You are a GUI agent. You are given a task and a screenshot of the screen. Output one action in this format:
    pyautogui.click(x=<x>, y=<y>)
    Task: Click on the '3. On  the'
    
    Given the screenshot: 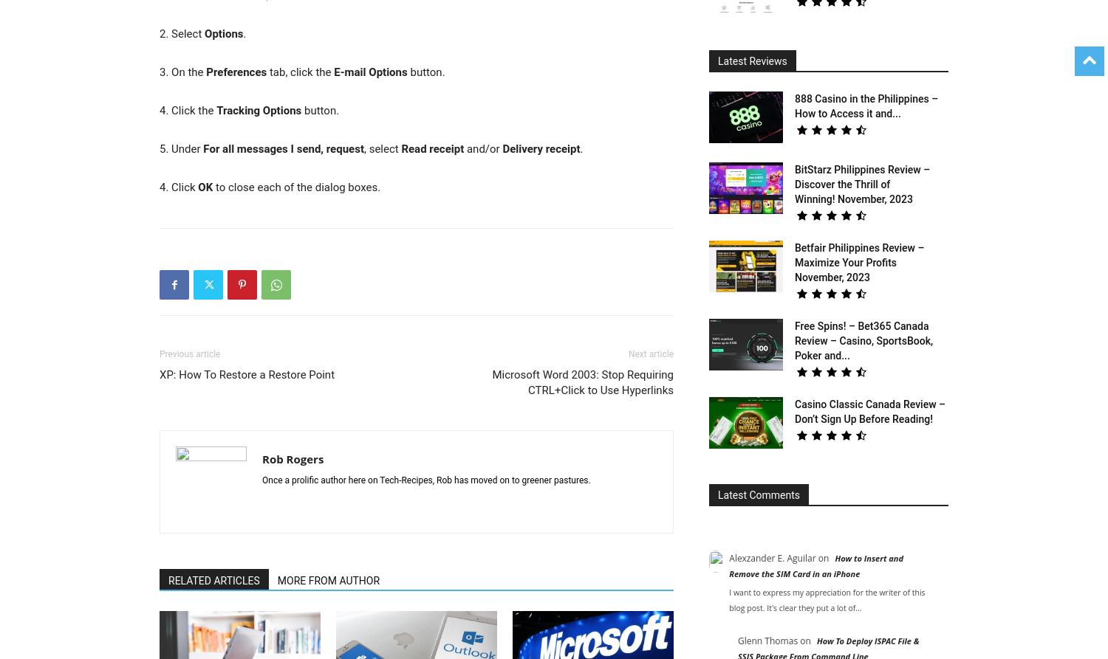 What is the action you would take?
    pyautogui.click(x=182, y=71)
    